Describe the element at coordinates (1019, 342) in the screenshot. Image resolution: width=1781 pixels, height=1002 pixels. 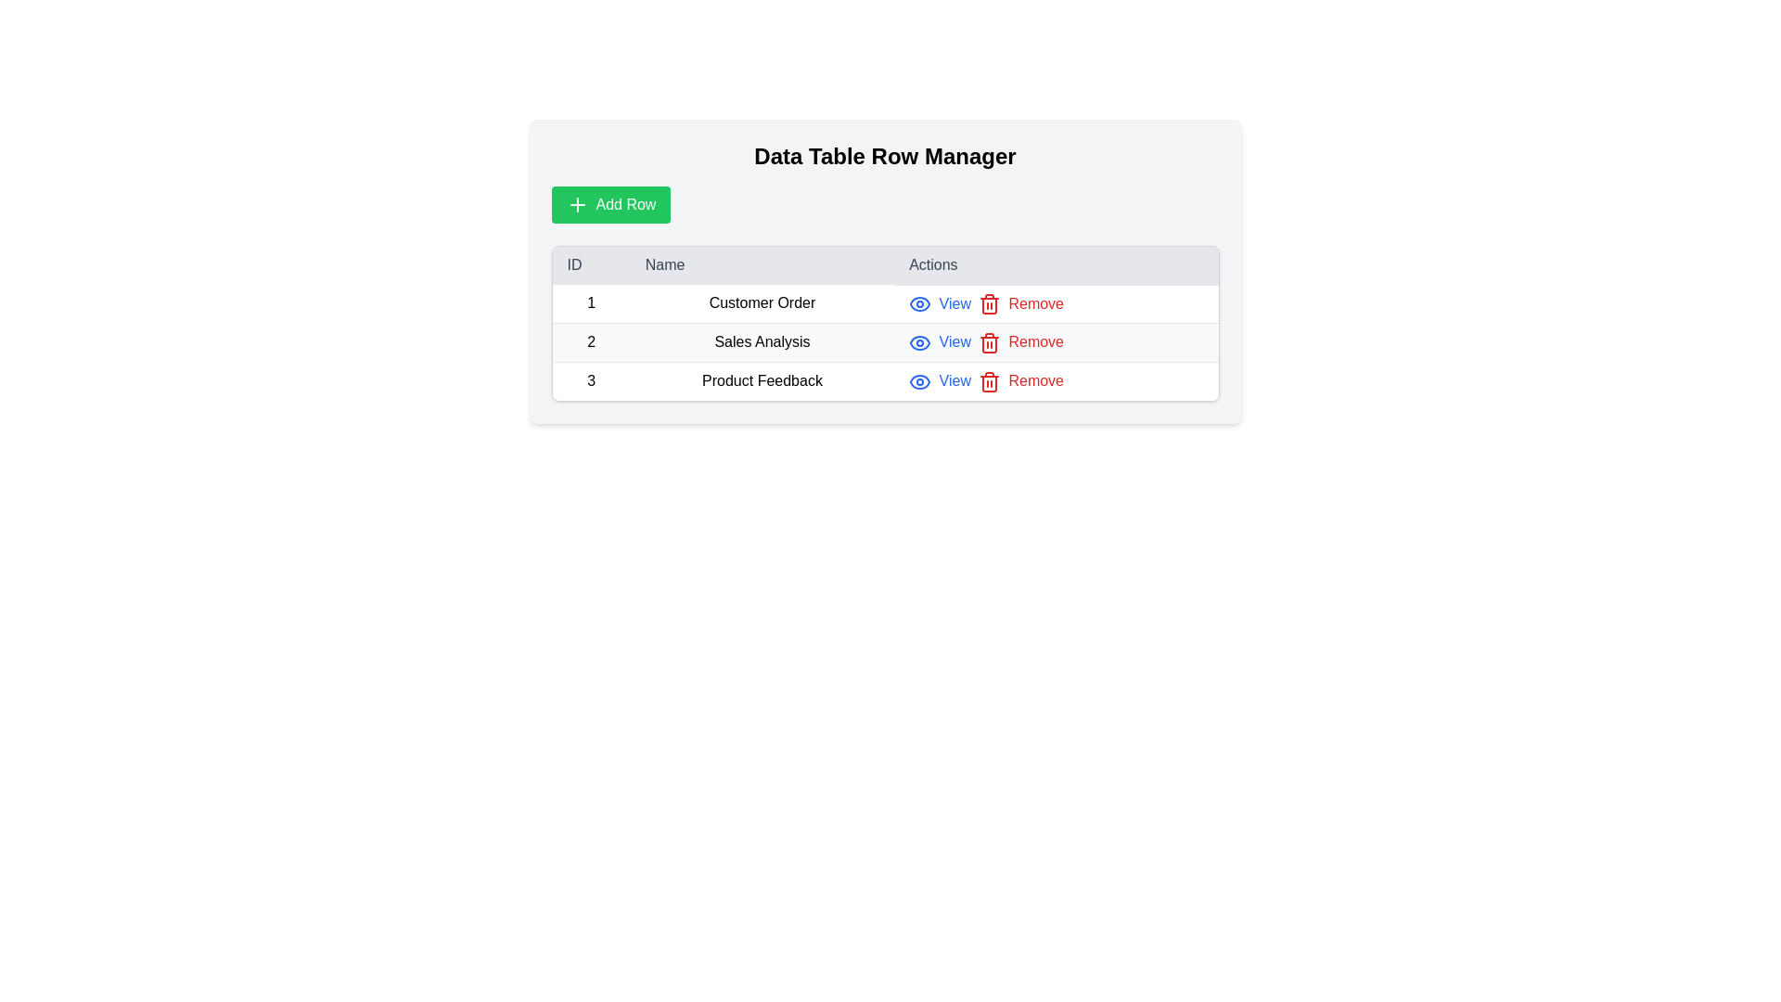
I see `the Link styled as a button in the second row of the 'Actions' column` at that location.